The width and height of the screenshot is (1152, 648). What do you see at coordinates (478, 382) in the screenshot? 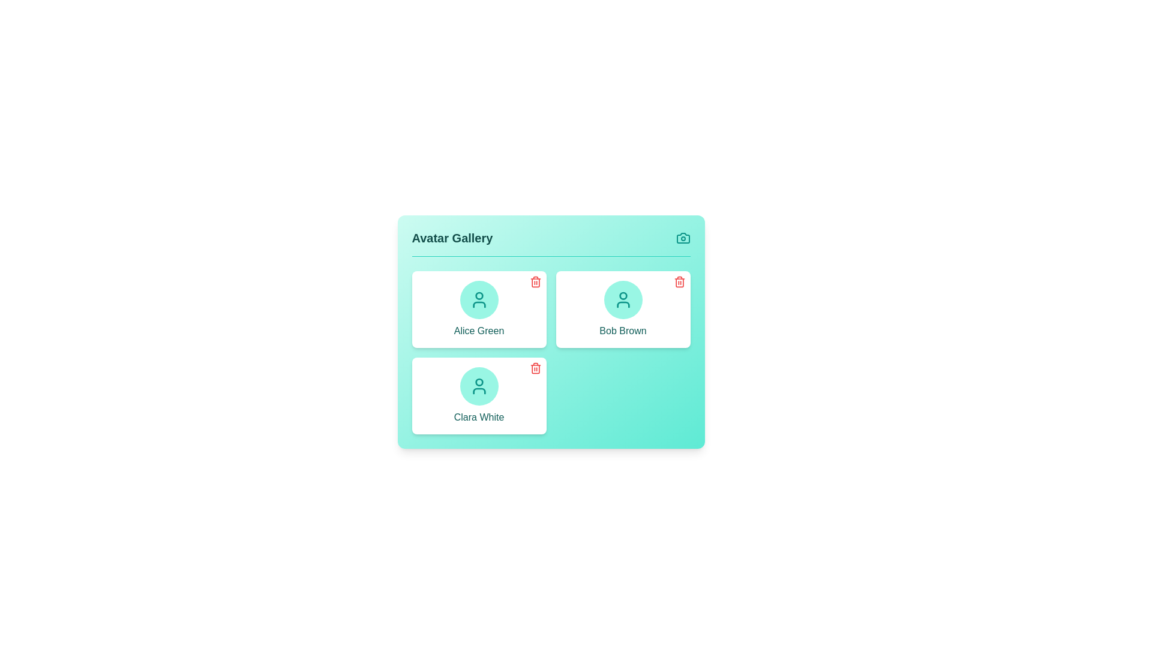
I see `the circular teal icon with a green dot at its center, located in the bottom card displaying 'Clara White'` at bounding box center [478, 382].